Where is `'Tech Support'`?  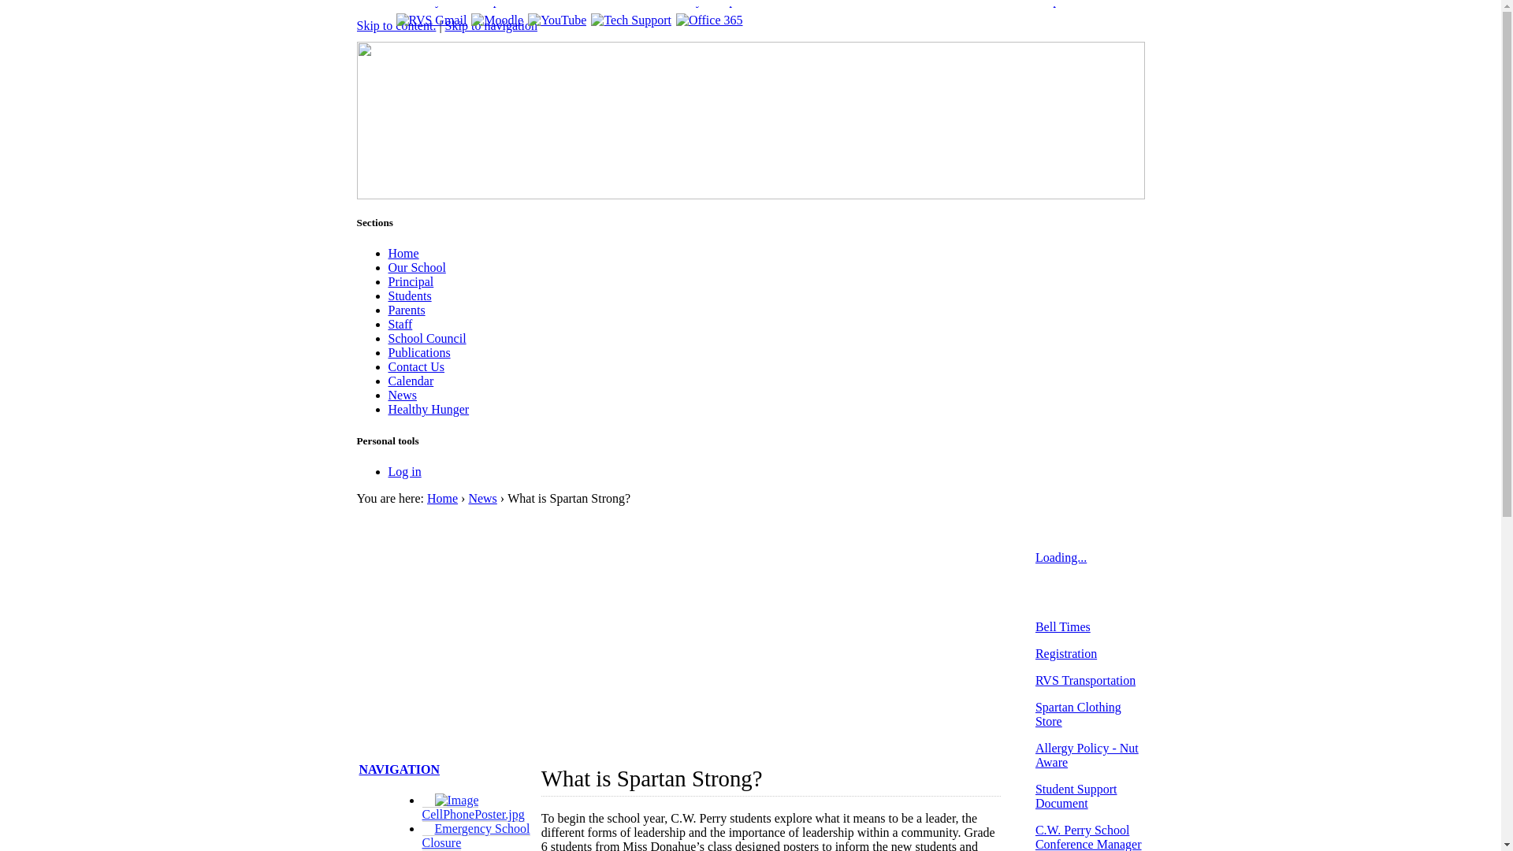 'Tech Support' is located at coordinates (631, 20).